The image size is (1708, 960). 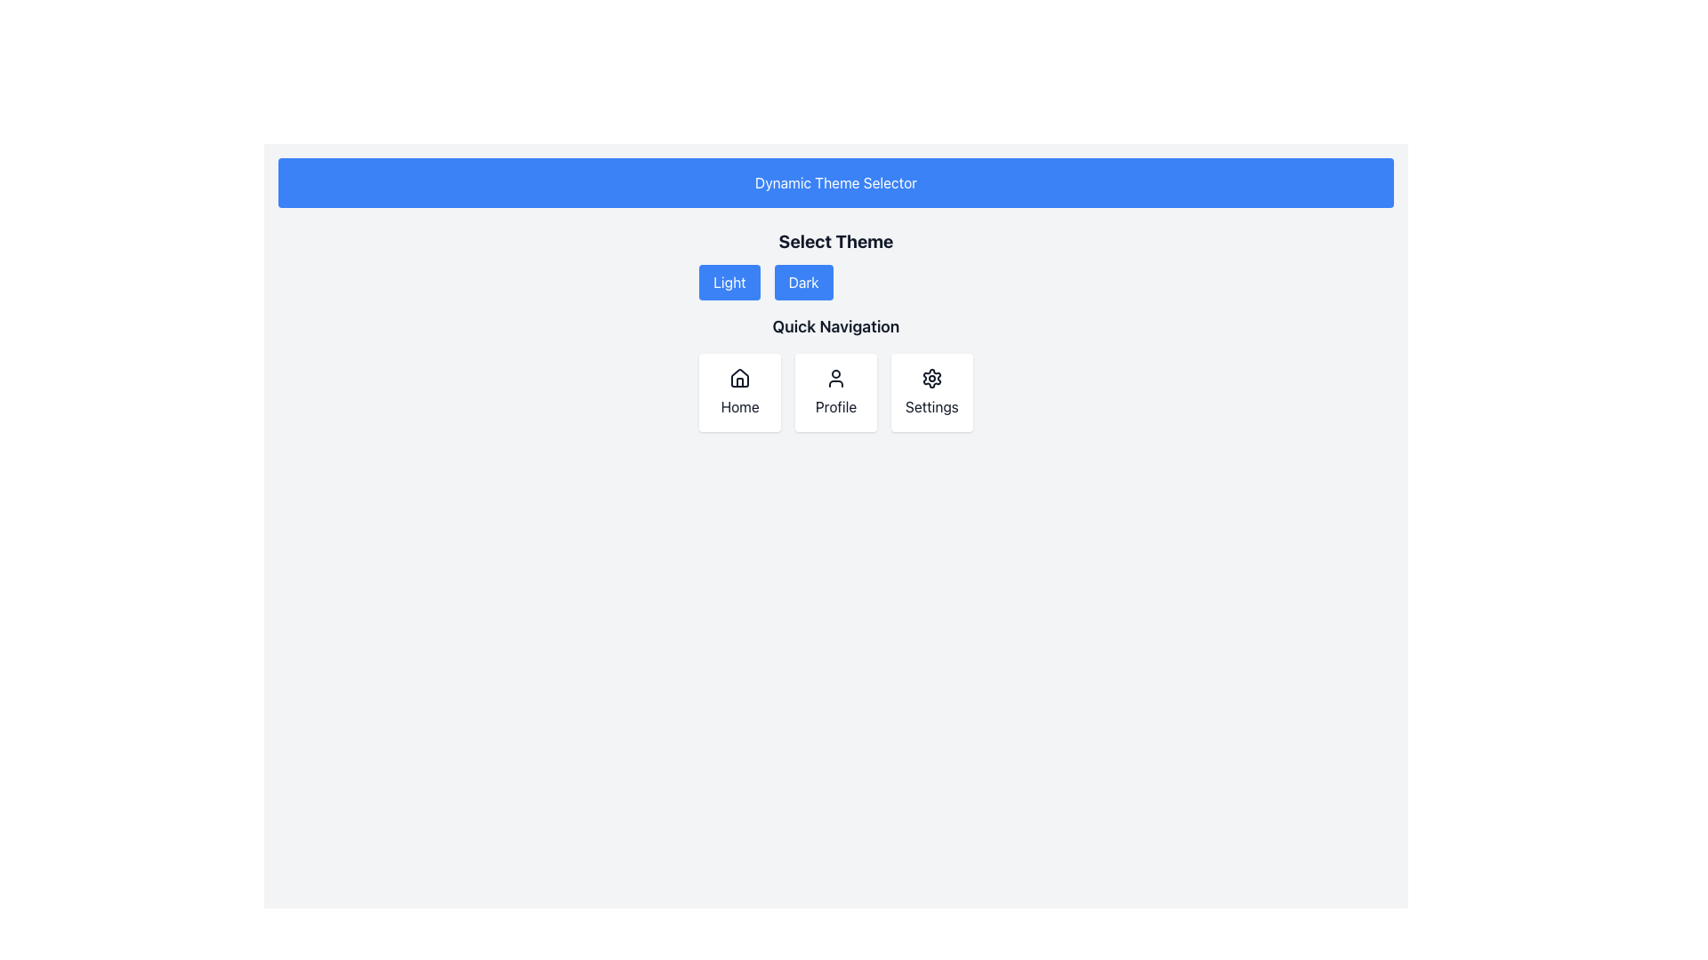 I want to click on the gear icon located within the 'Settings' box, so click(x=931, y=377).